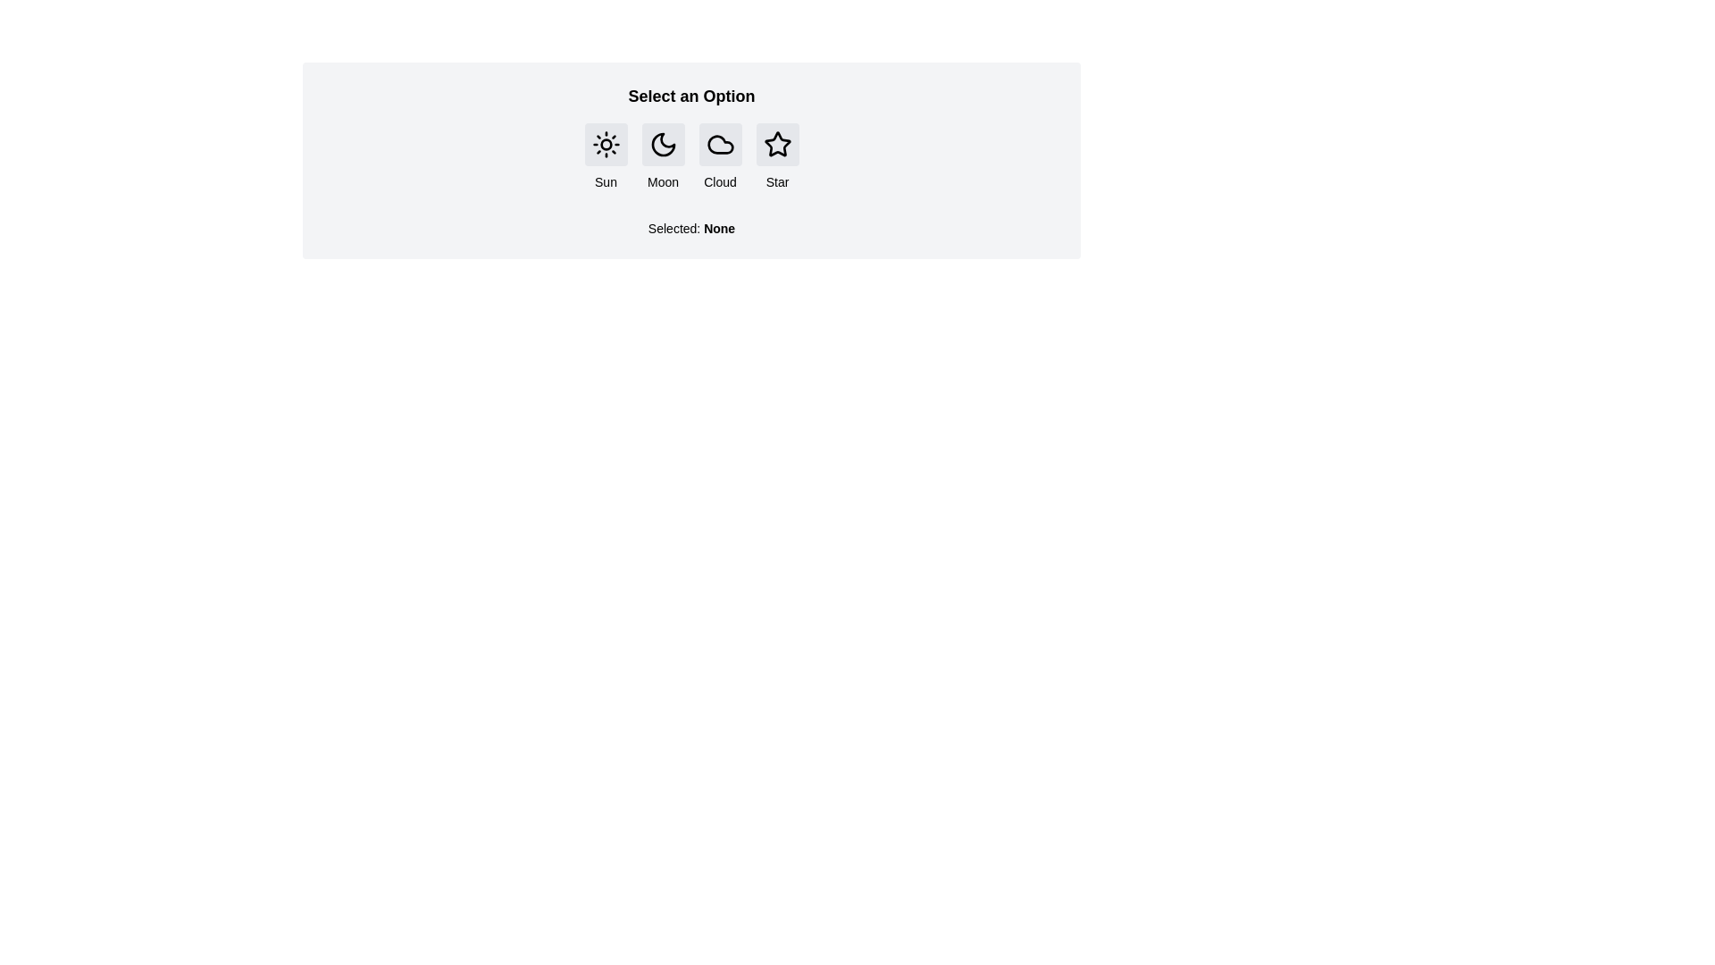  Describe the element at coordinates (606, 182) in the screenshot. I see `the text label indicating the 'Sun' option, which is positioned directly beneath the sun icon in the selection interface` at that location.